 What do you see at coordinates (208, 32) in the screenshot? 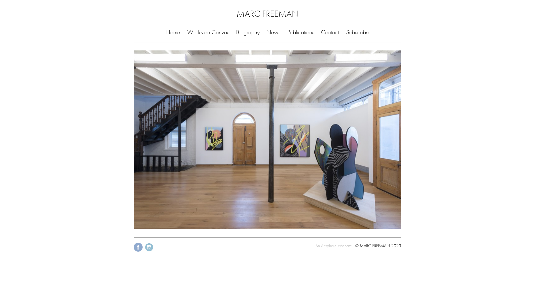
I see `'Works on Canvas'` at bounding box center [208, 32].